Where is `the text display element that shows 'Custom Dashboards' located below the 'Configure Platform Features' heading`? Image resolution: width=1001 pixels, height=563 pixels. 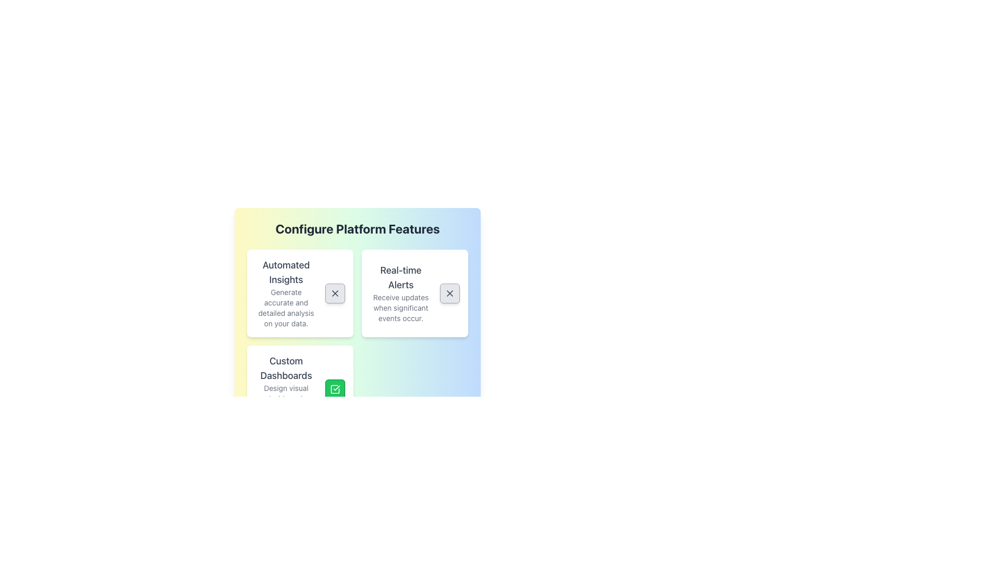
the text display element that shows 'Custom Dashboards' located below the 'Configure Platform Features' heading is located at coordinates (286, 368).